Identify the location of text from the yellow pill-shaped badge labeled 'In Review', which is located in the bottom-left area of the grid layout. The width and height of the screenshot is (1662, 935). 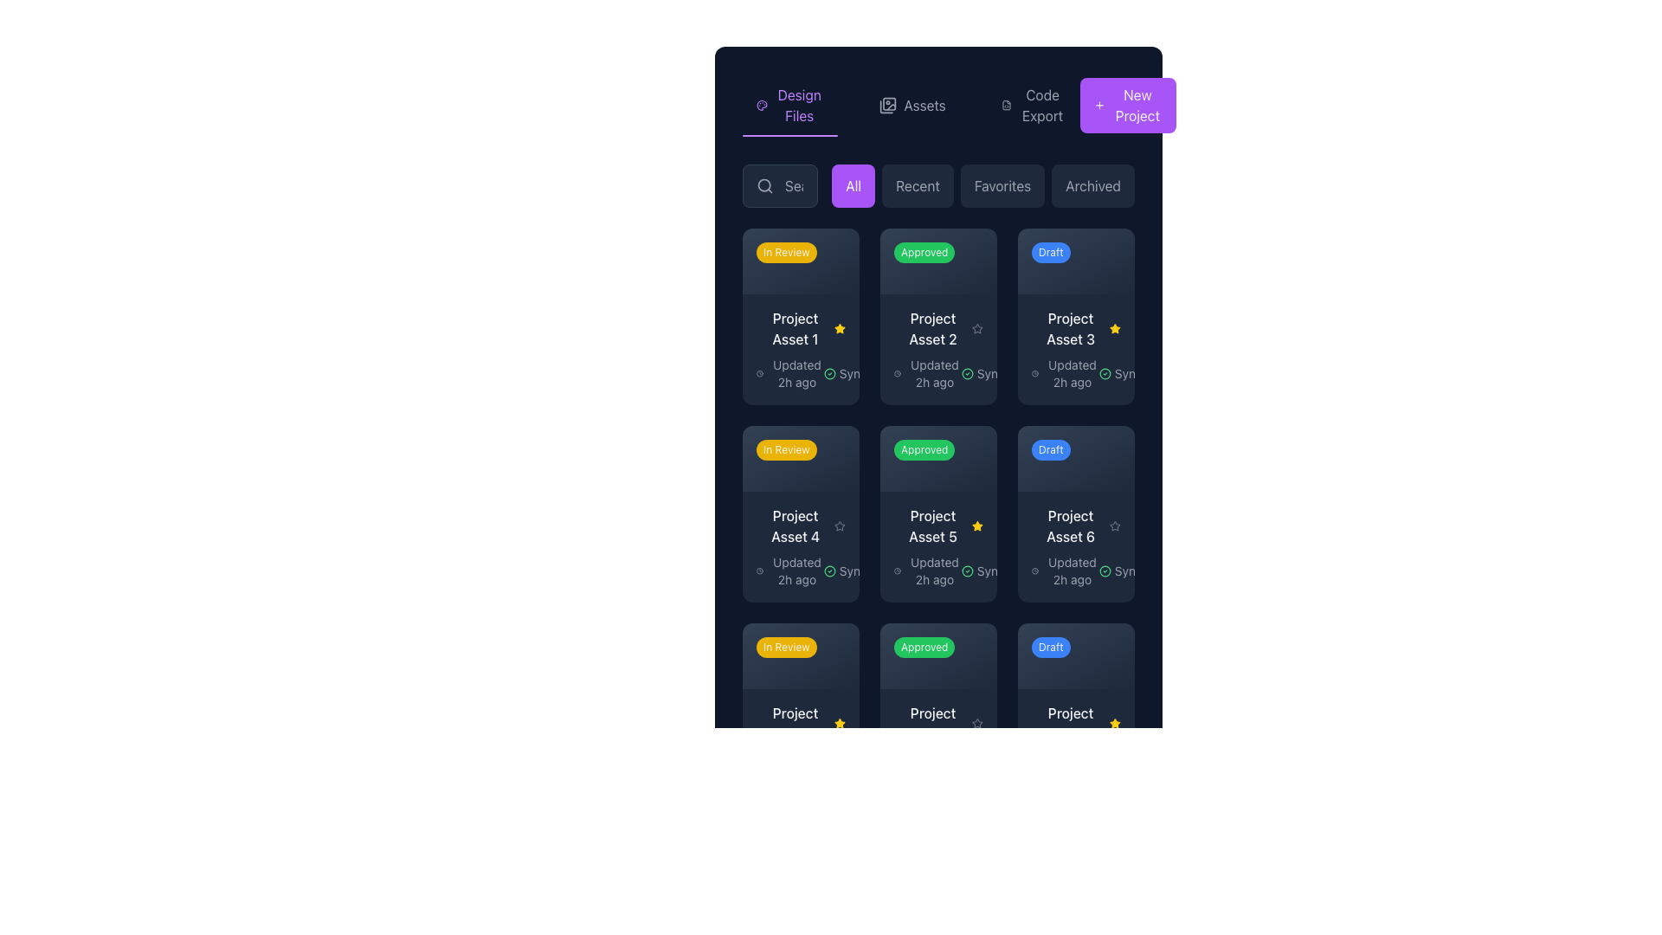
(785, 647).